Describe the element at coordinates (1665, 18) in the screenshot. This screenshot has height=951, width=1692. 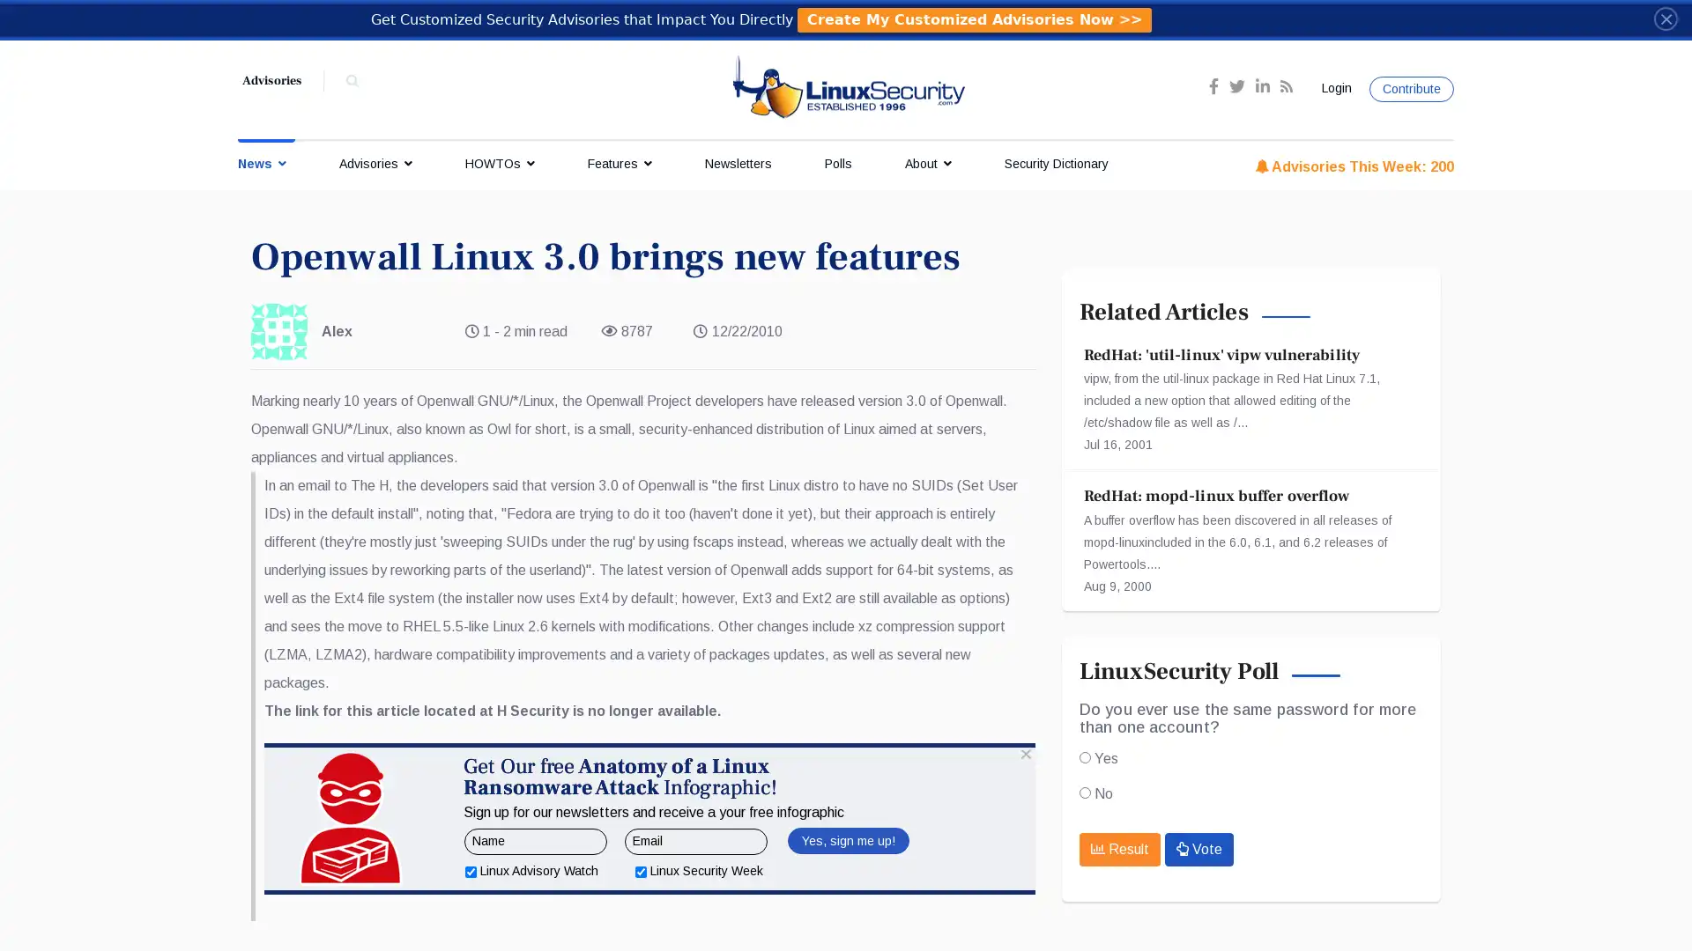
I see `Close` at that location.